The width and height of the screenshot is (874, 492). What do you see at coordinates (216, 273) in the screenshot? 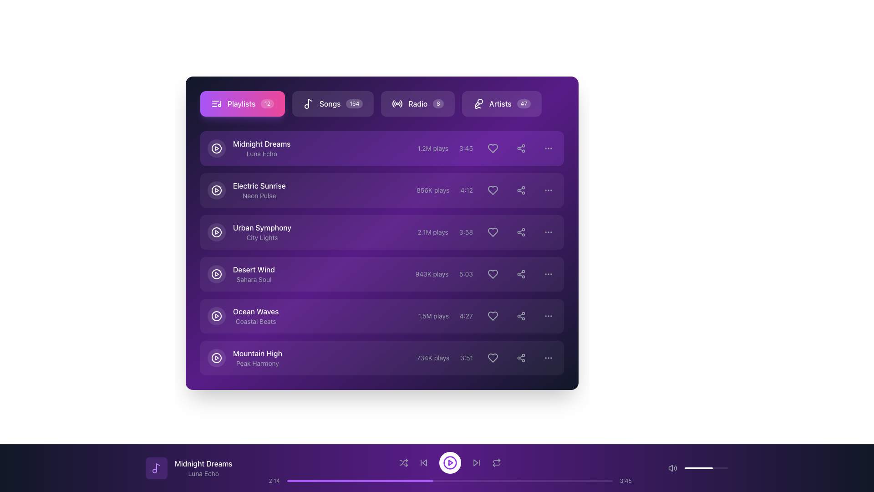
I see `the circular play button icon for the song 'Desert Wind' by 'Sahara Soul'` at bounding box center [216, 273].